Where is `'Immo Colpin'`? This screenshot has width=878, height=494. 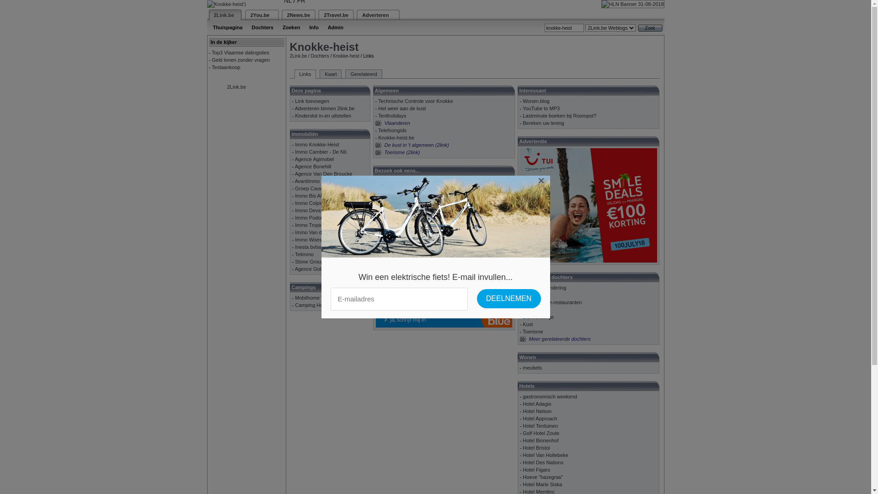
'Immo Colpin' is located at coordinates (294, 202).